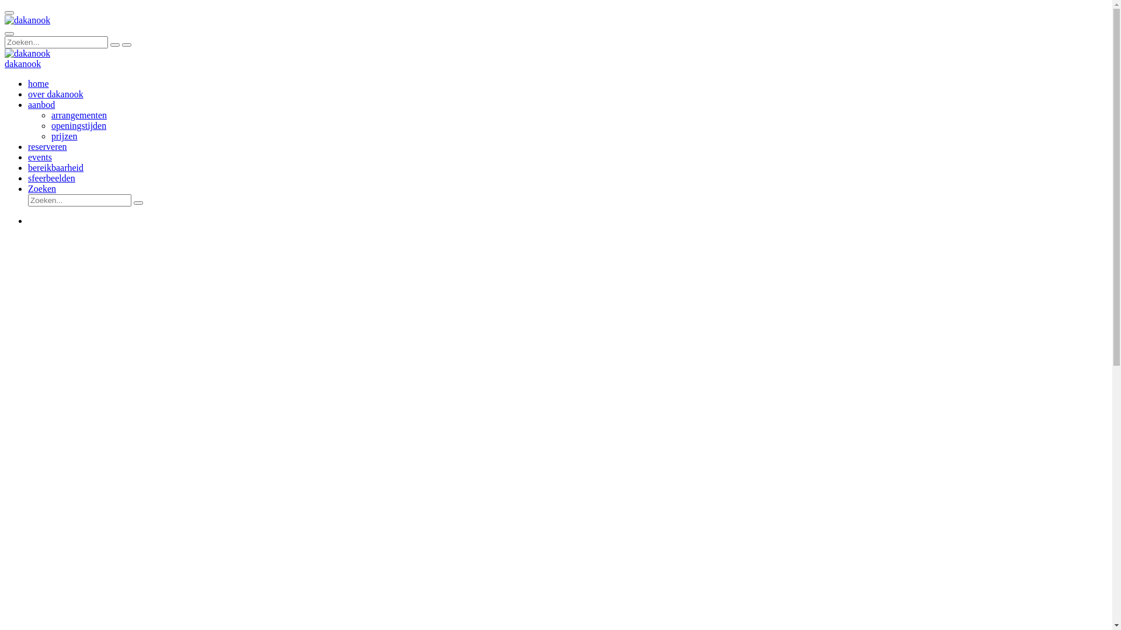 The height and width of the screenshot is (630, 1121). I want to click on 'dakanook', so click(27, 20).